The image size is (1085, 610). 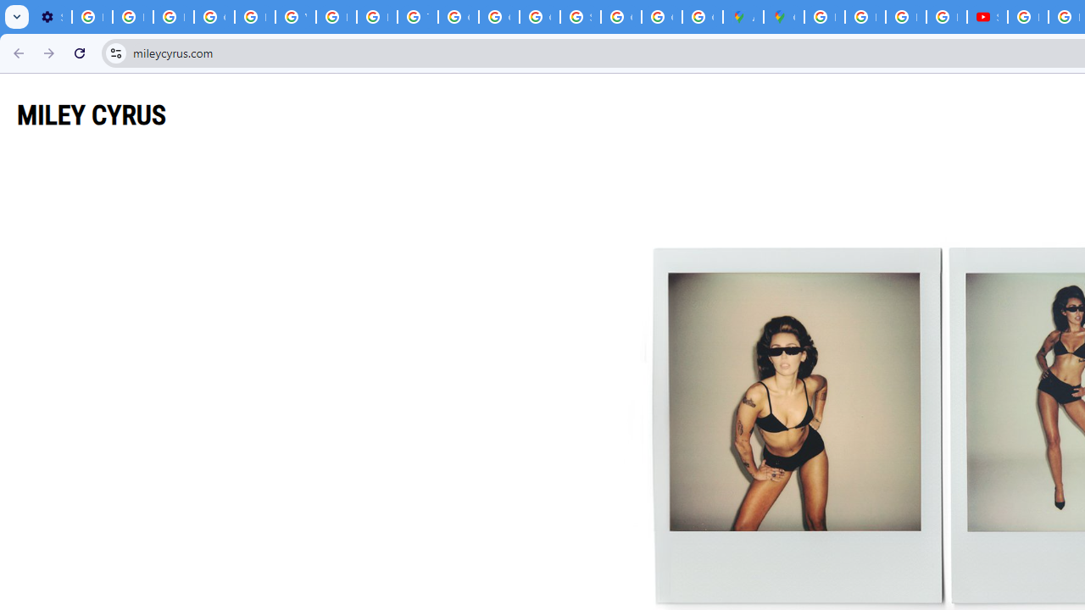 I want to click on 'How Chrome protects your passwords - Google Chrome Help', so click(x=1027, y=17).